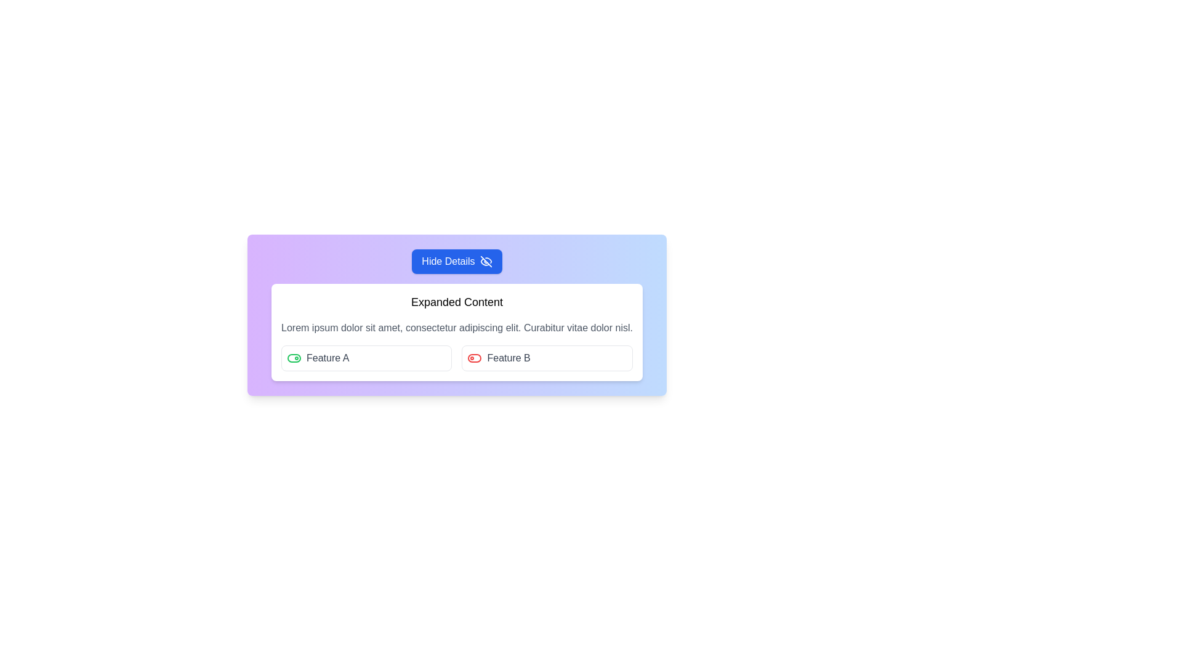 The width and height of the screenshot is (1182, 665). What do you see at coordinates (456, 358) in the screenshot?
I see `on the Toggle selection component labeled 'Feature A' and 'Feature B'` at bounding box center [456, 358].